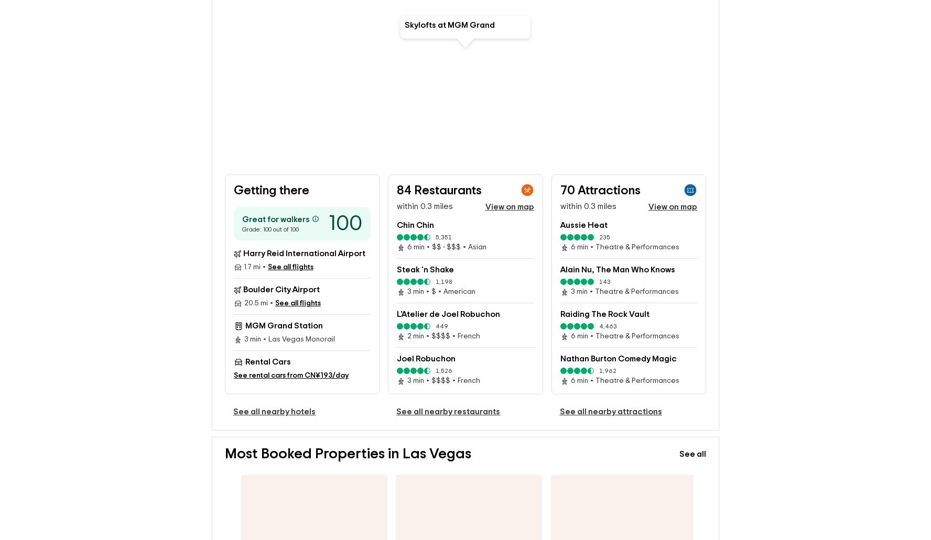 Image resolution: width=931 pixels, height=540 pixels. What do you see at coordinates (583, 207) in the screenshot?
I see `'Aussie Heat'` at bounding box center [583, 207].